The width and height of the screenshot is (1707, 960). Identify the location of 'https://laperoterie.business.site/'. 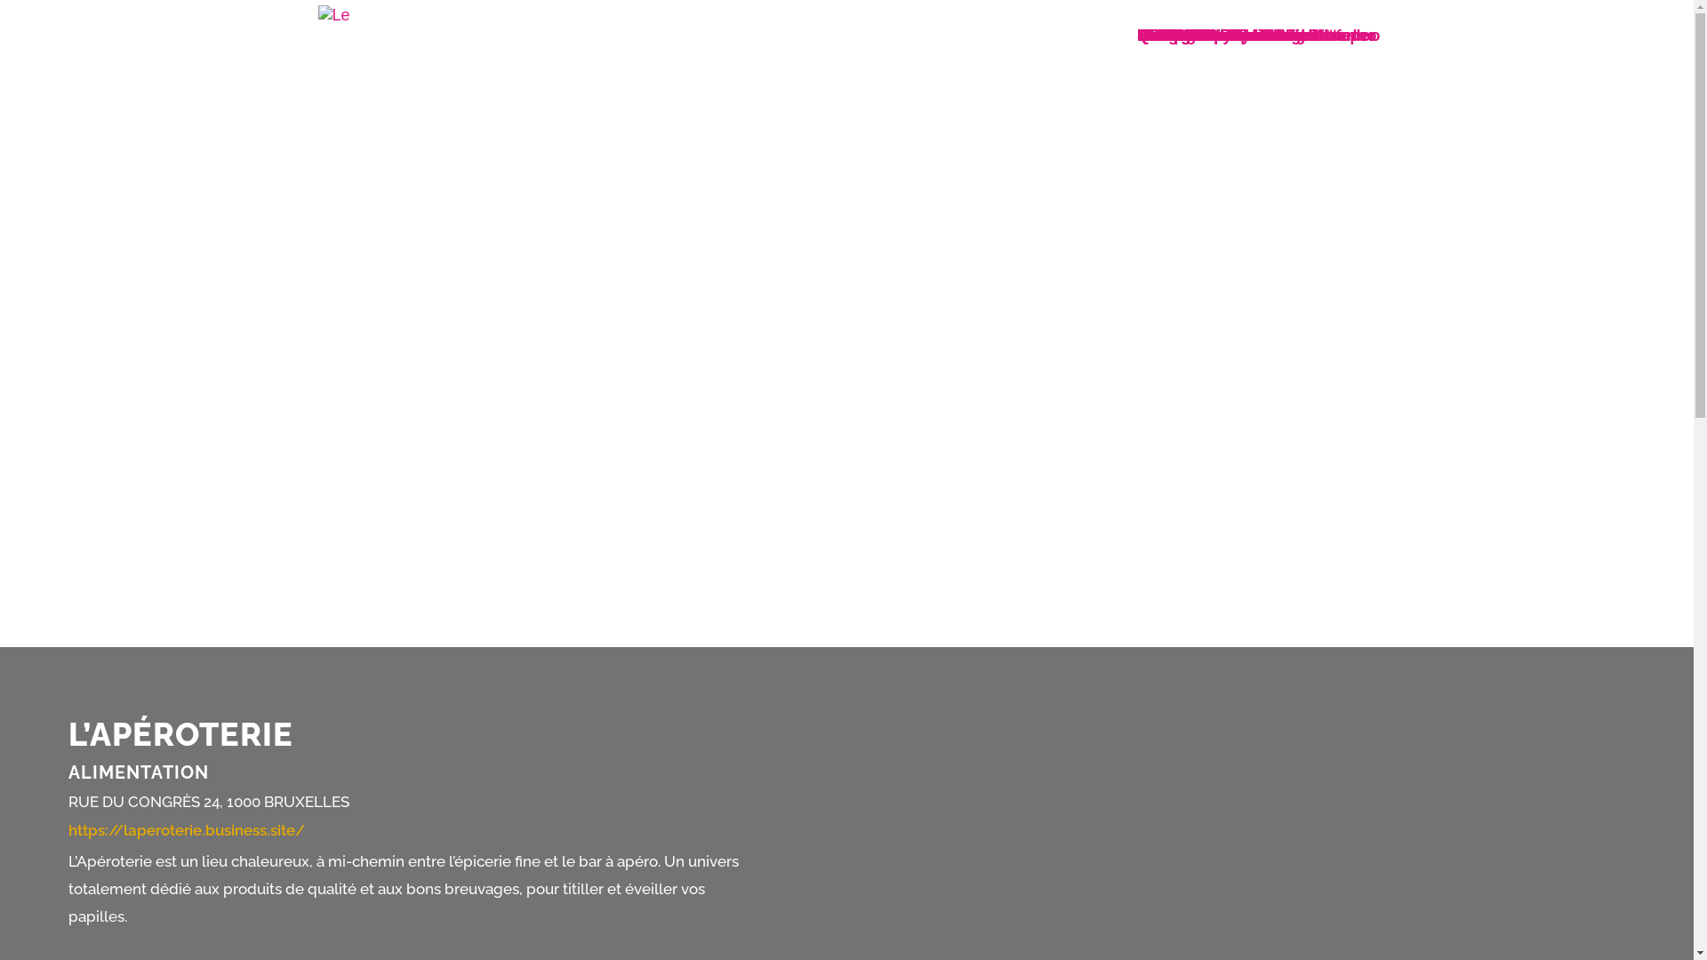
(187, 829).